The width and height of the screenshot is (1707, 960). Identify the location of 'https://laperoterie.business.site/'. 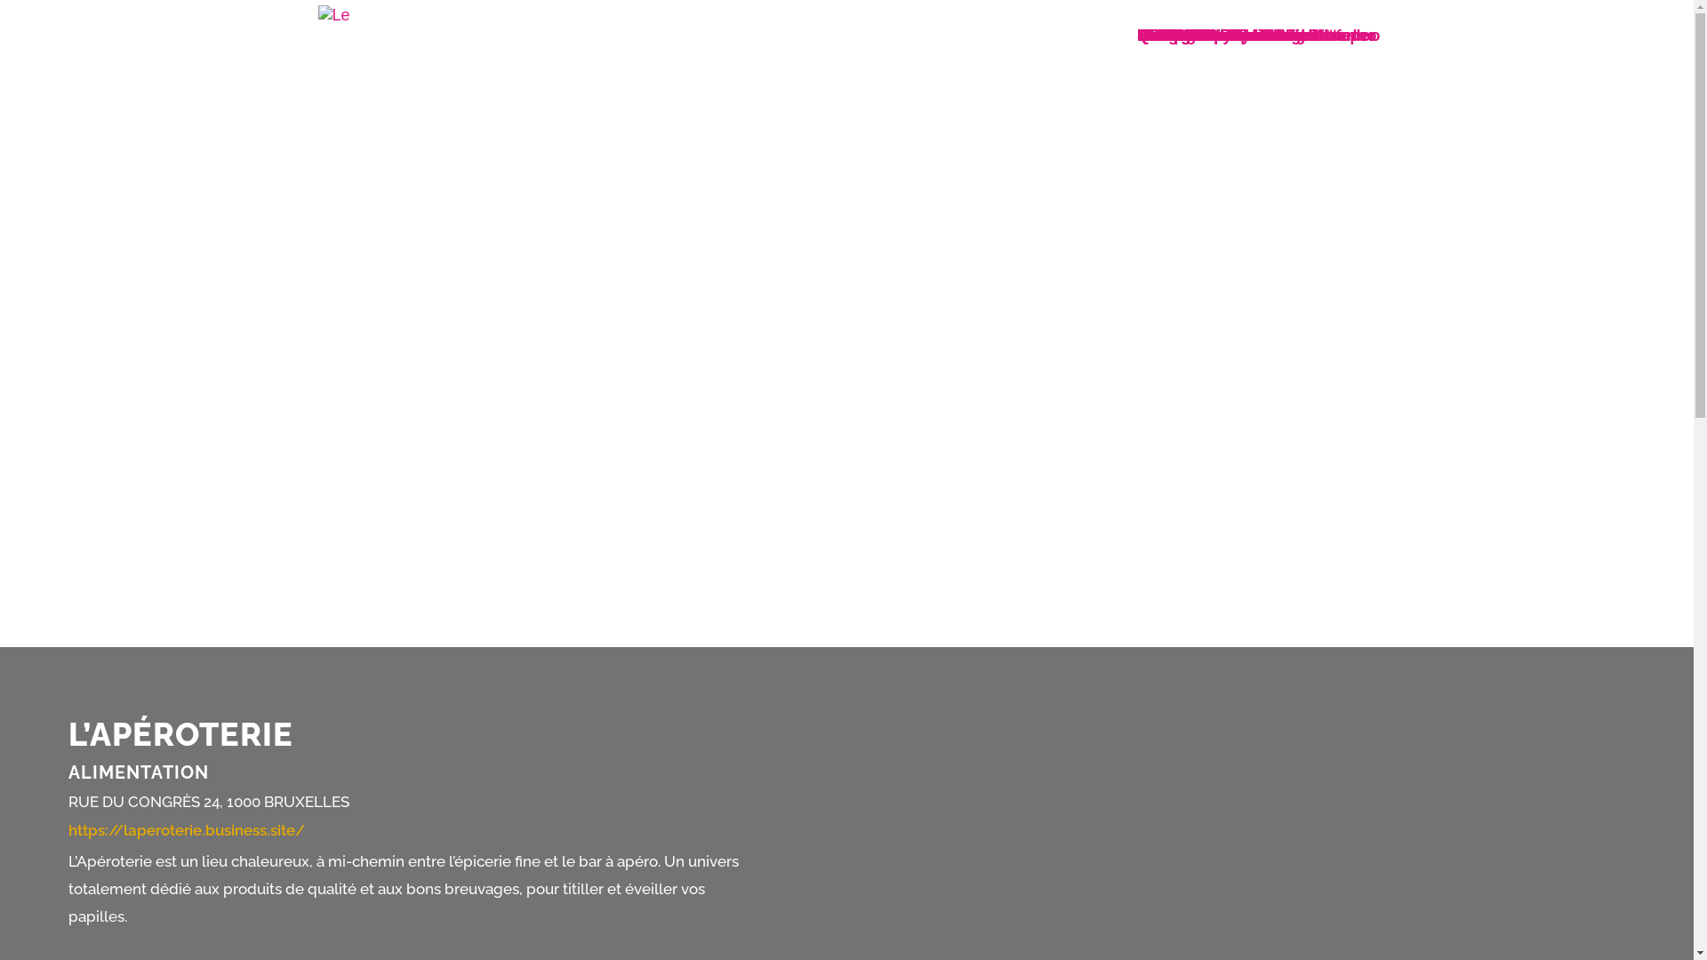
(187, 829).